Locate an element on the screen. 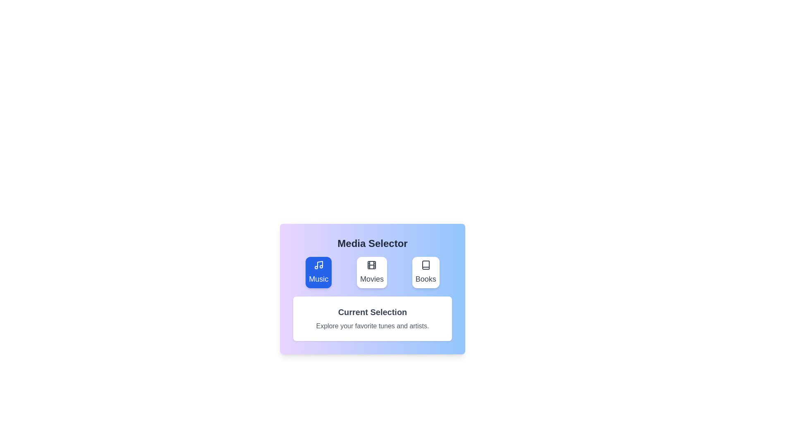 Image resolution: width=794 pixels, height=446 pixels. the interactive button for selecting the 'Movies' category located in the 'Media Selector' section, positioned between 'Music' and 'Books' is located at coordinates (371, 272).